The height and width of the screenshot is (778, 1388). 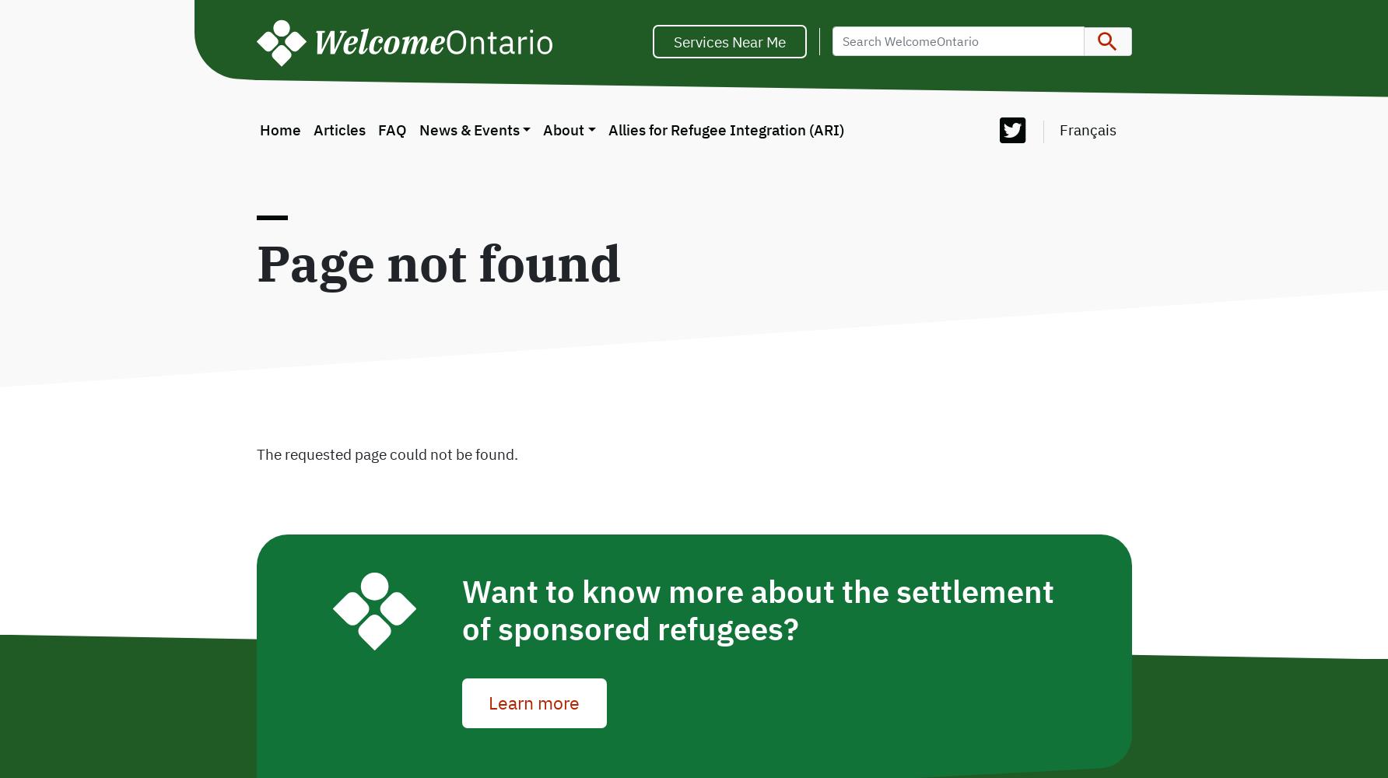 What do you see at coordinates (543, 129) in the screenshot?
I see `'About'` at bounding box center [543, 129].